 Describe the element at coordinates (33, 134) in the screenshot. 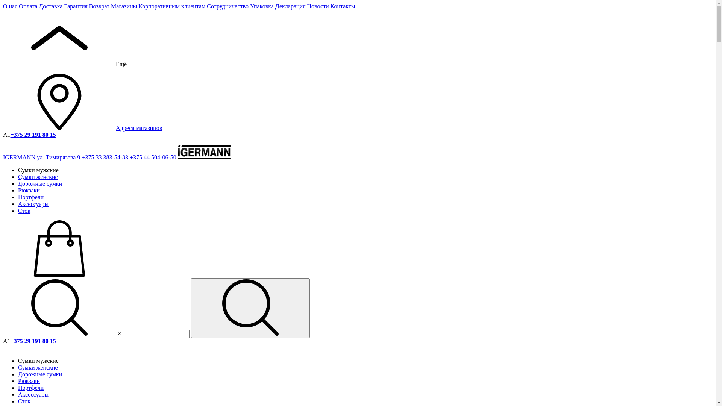

I see `'+375 29 191 80 15'` at that location.